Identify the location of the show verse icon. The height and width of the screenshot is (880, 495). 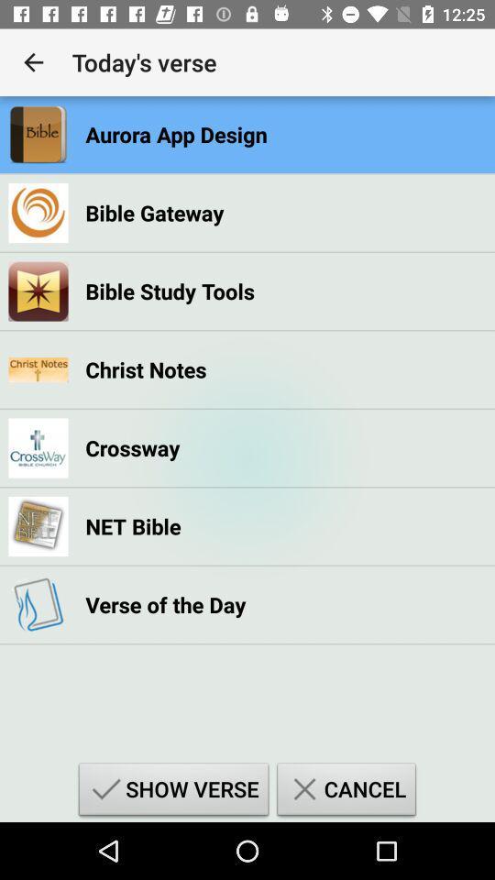
(173, 791).